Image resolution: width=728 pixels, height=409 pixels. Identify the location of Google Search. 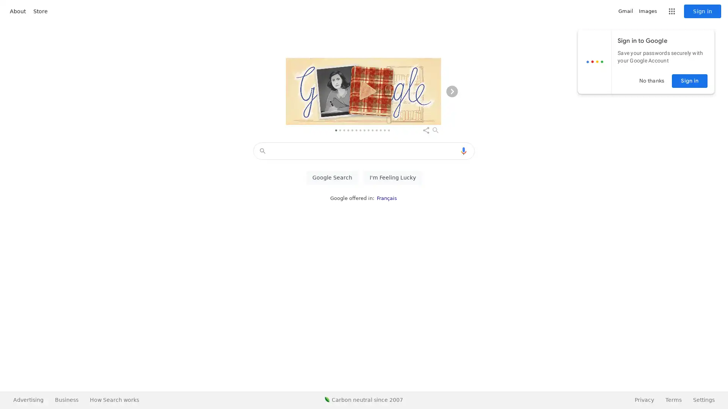
(332, 178).